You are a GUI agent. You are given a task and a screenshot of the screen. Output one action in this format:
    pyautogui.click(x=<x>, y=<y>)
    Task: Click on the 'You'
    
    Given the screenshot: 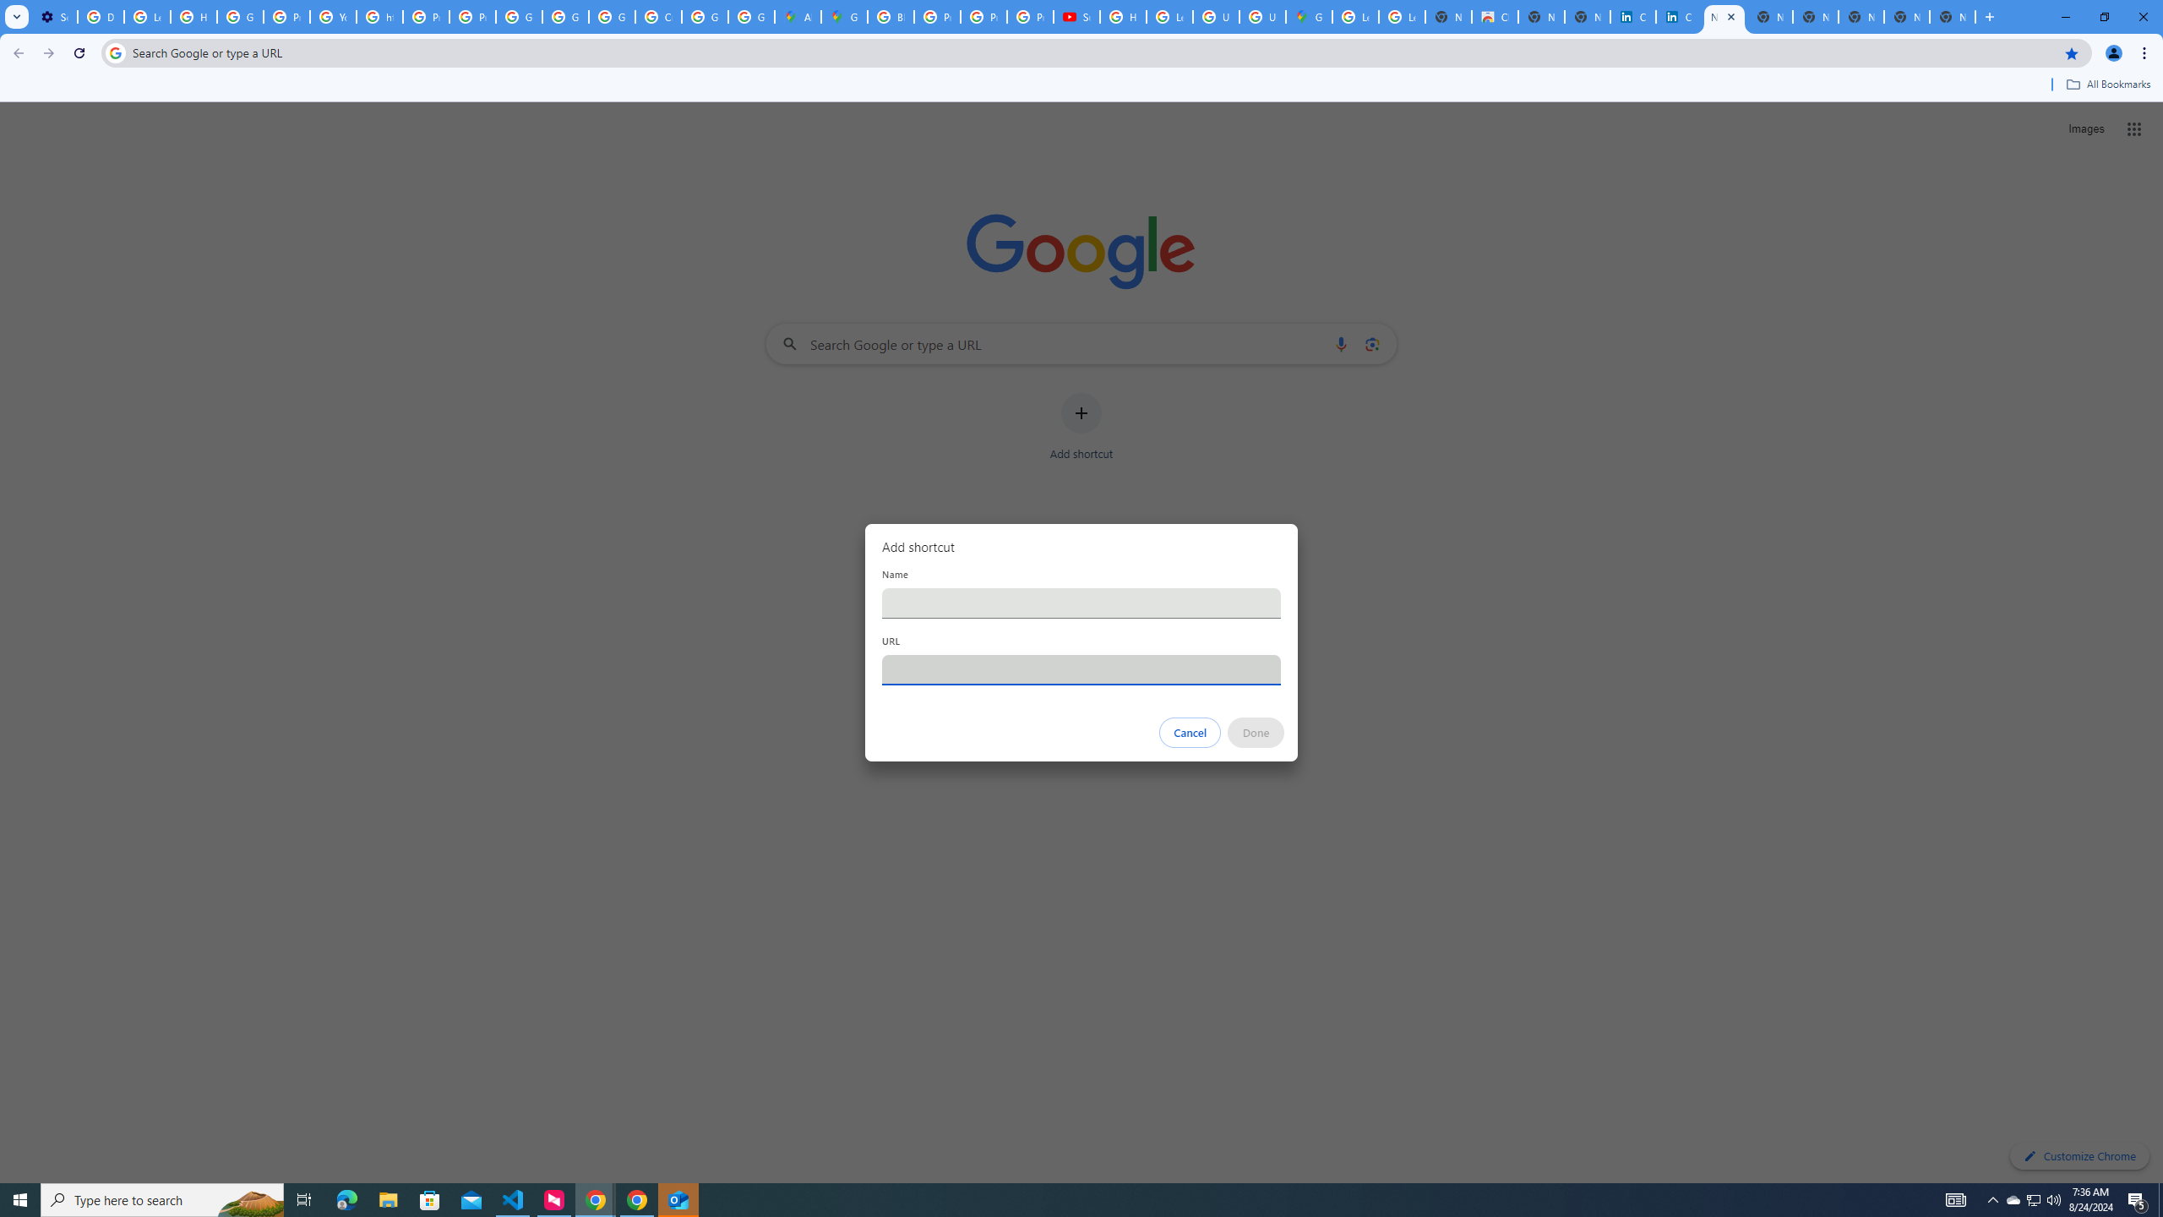 What is the action you would take?
    pyautogui.click(x=2114, y=52)
    